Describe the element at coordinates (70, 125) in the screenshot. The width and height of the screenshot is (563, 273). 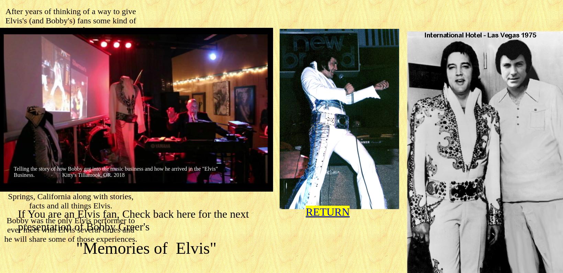
I see `'Bobby has picked 12 of Elvis best know songs 
and put them together with total precision so that the music fits perfectly from 
end to end.'` at that location.